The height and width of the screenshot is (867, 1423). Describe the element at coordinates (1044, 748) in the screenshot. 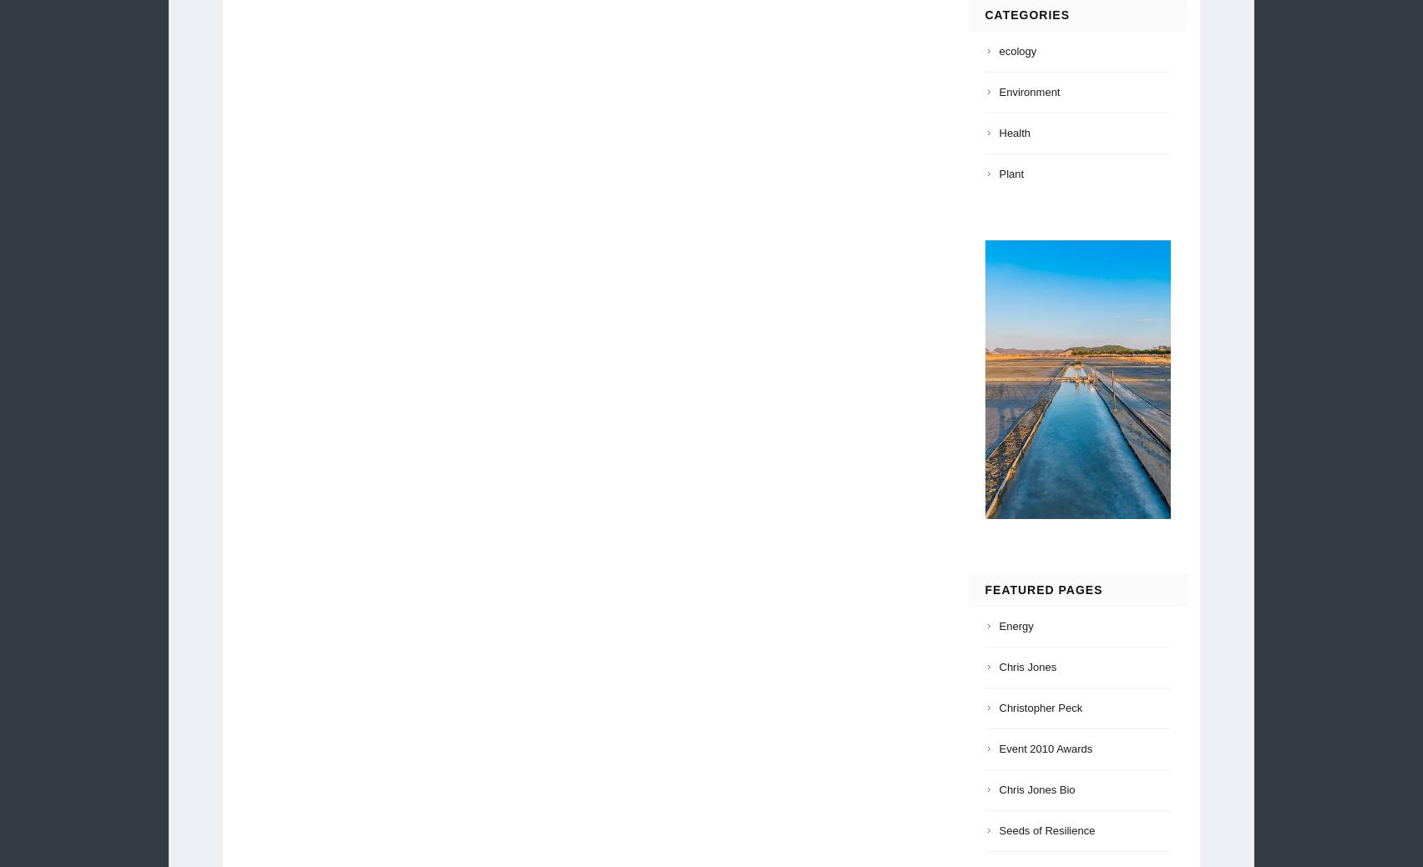

I see `'Event 2010 Awards'` at that location.